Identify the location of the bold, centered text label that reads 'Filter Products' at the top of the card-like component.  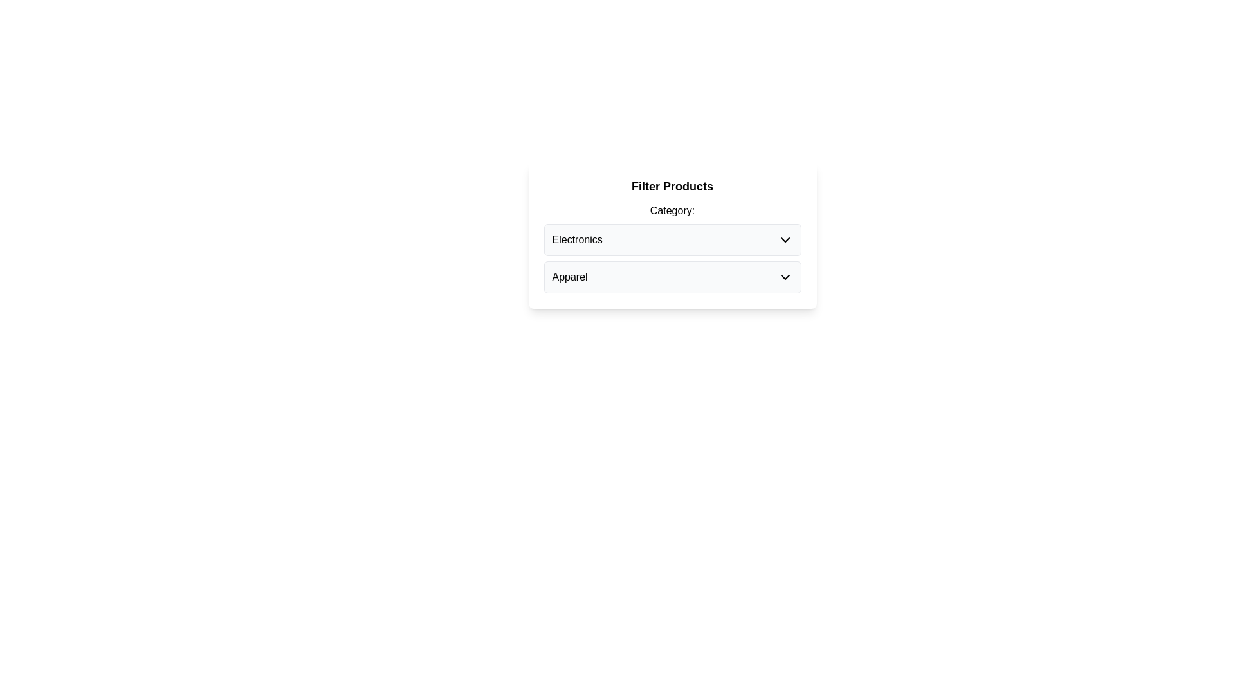
(672, 186).